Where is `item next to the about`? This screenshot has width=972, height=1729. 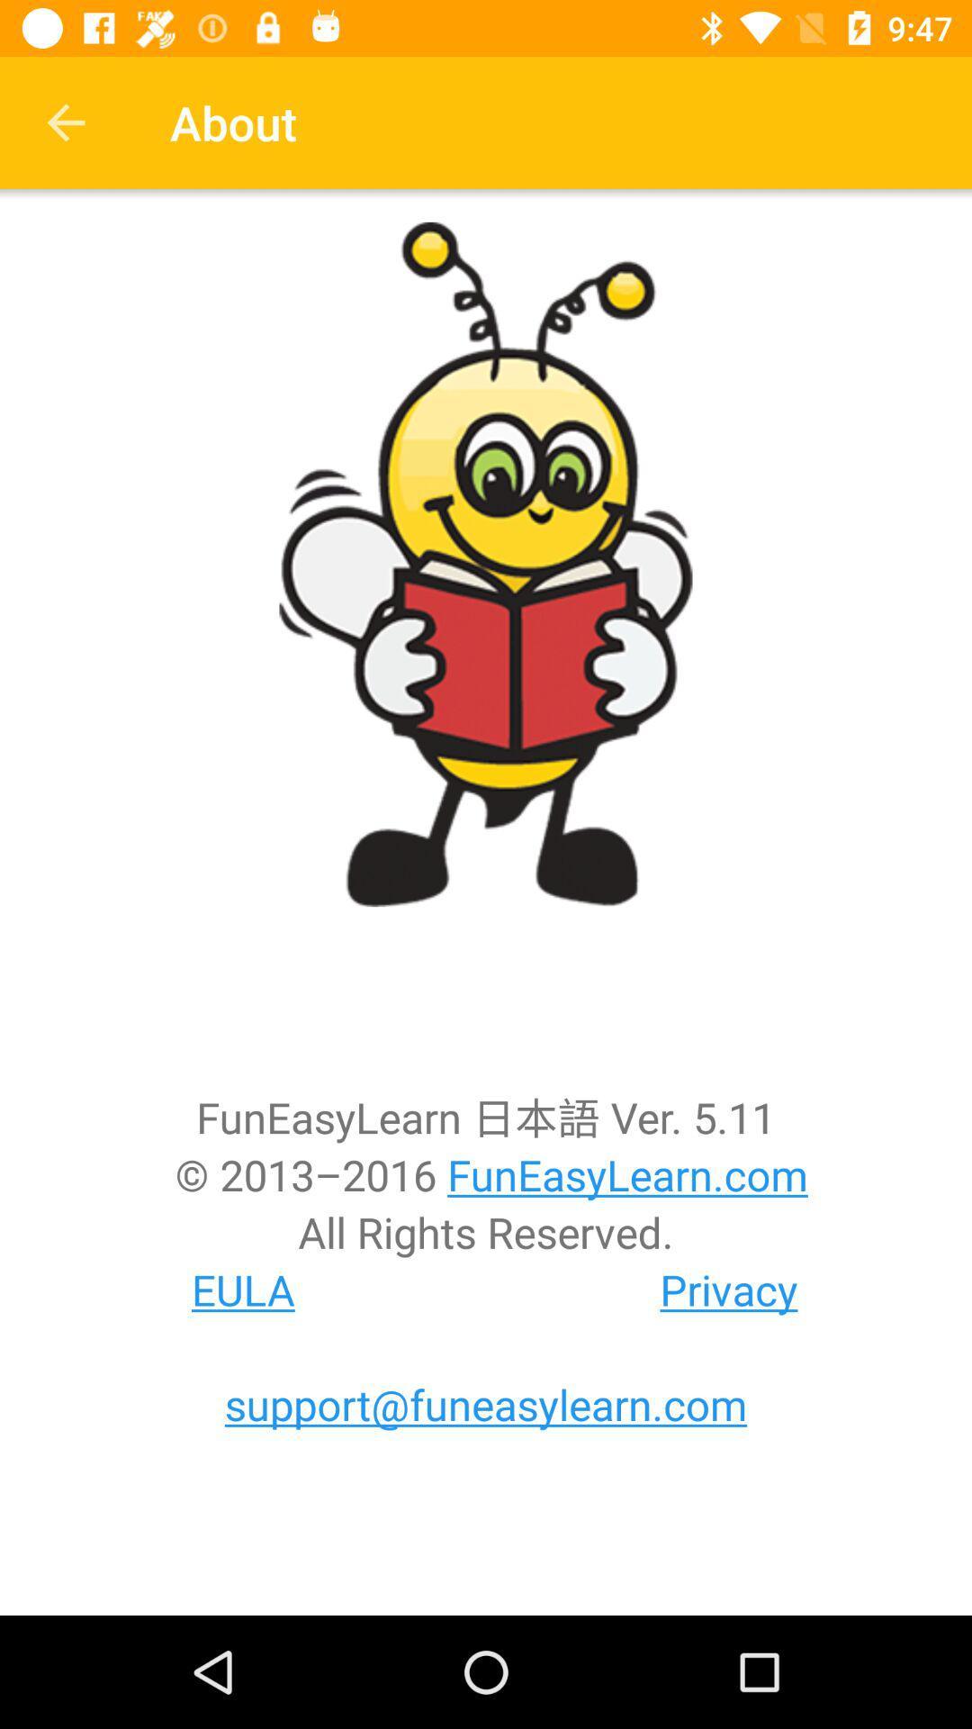
item next to the about is located at coordinates (65, 122).